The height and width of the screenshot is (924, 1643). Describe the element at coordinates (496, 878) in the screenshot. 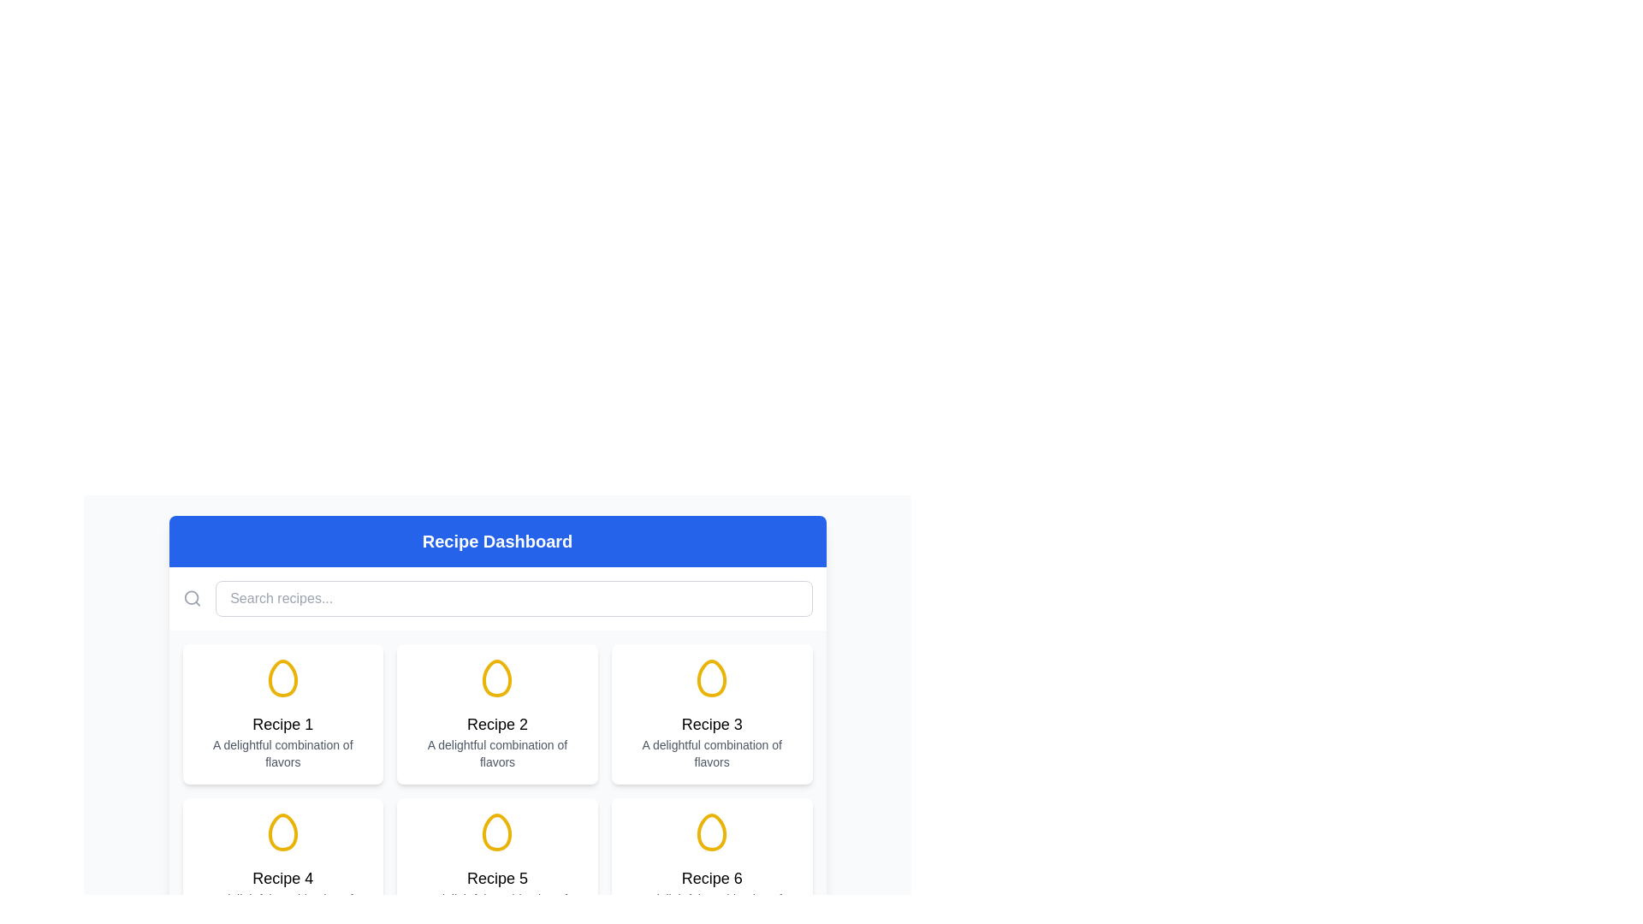

I see `the static text label 'Recipe 5'` at that location.